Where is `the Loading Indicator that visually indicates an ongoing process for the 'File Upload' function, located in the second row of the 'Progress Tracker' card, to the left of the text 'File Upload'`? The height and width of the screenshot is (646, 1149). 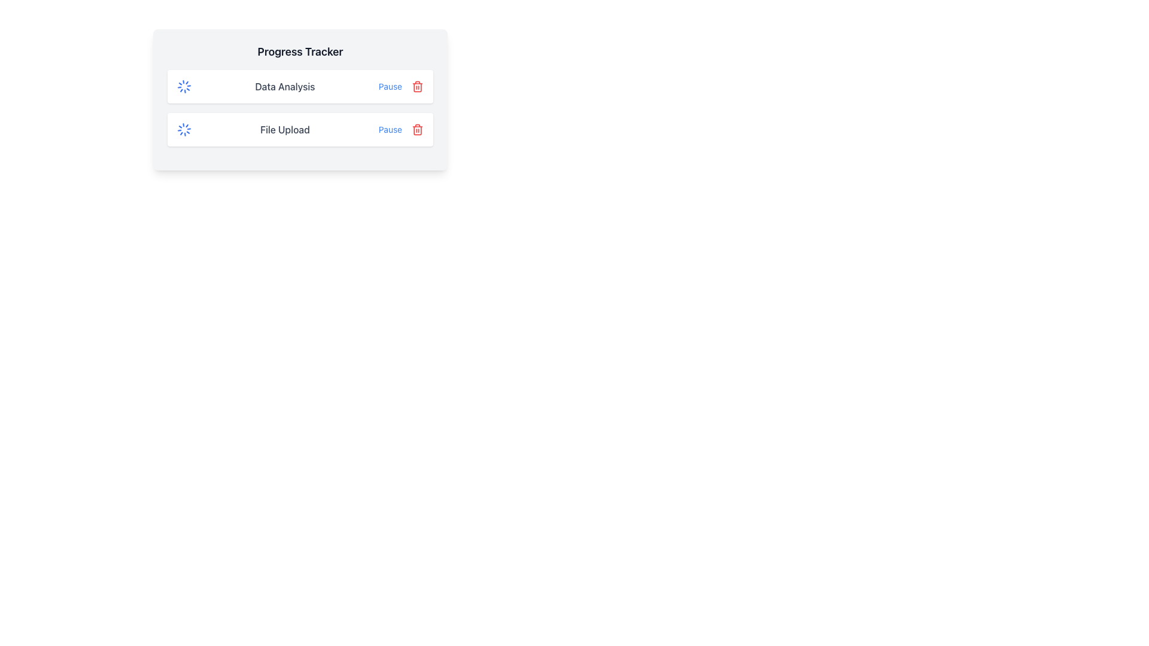
the Loading Indicator that visually indicates an ongoing process for the 'File Upload' function, located in the second row of the 'Progress Tracker' card, to the left of the text 'File Upload' is located at coordinates (183, 129).